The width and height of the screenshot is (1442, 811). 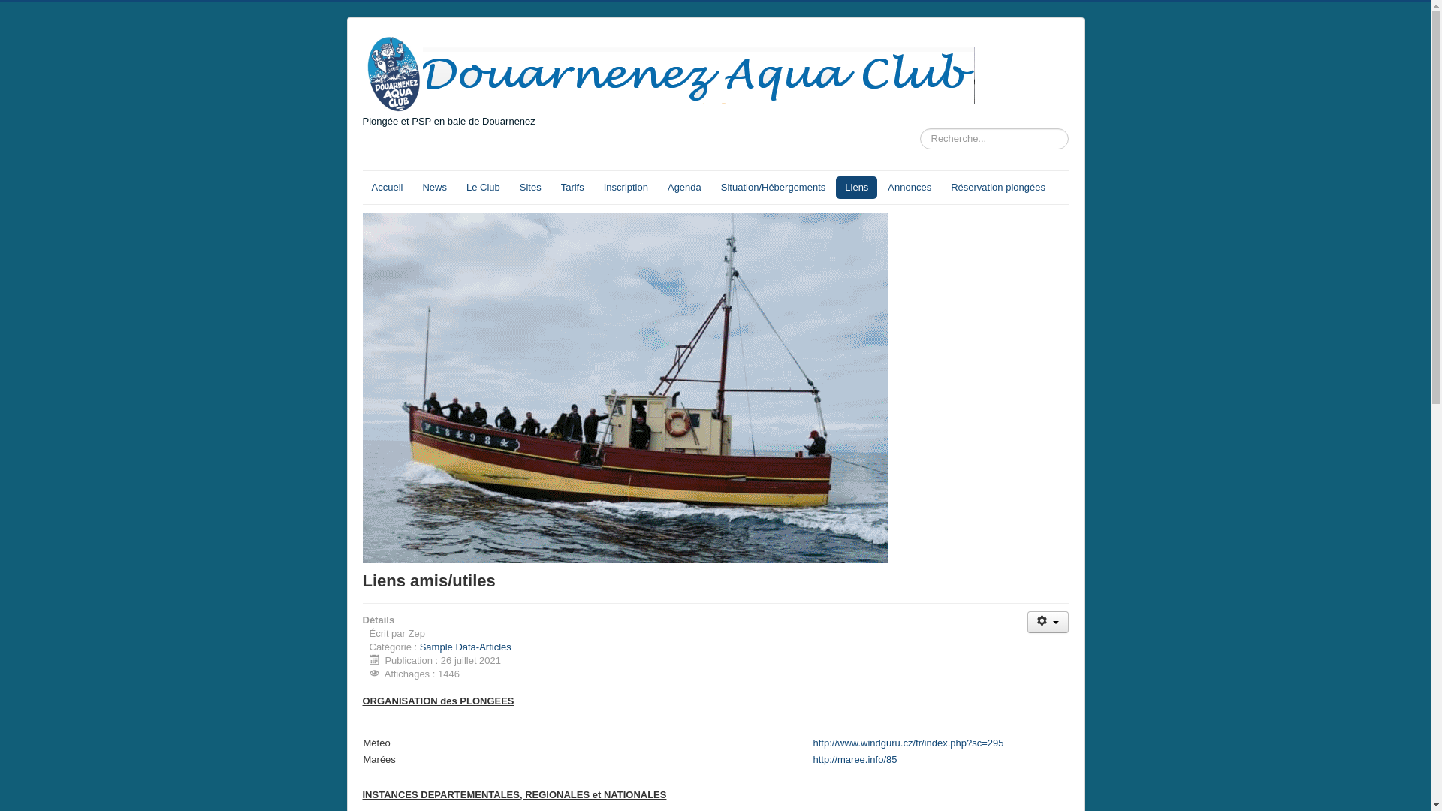 What do you see at coordinates (433, 187) in the screenshot?
I see `'News'` at bounding box center [433, 187].